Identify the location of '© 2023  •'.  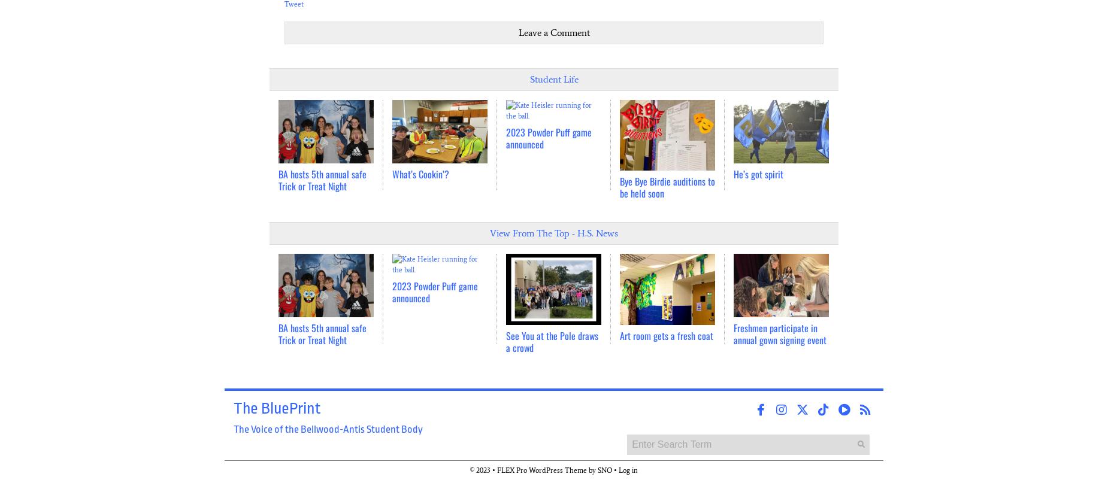
(483, 470).